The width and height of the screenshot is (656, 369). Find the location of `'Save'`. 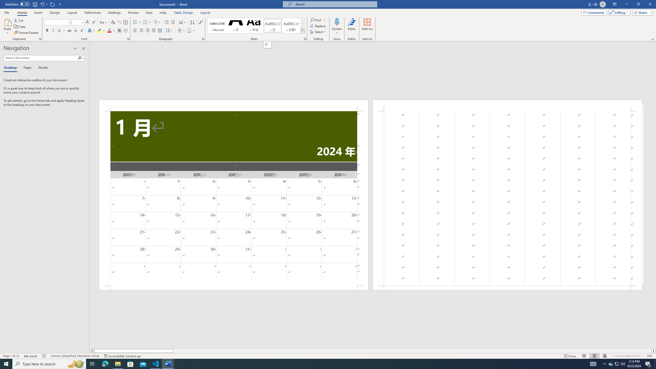

'Save' is located at coordinates (35, 4).